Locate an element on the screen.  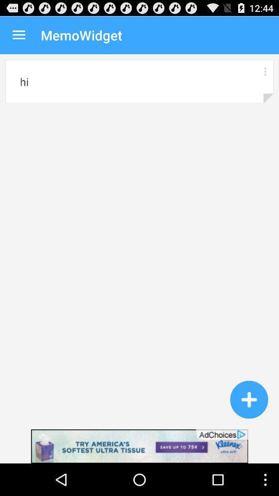
settings options is located at coordinates (265, 71).